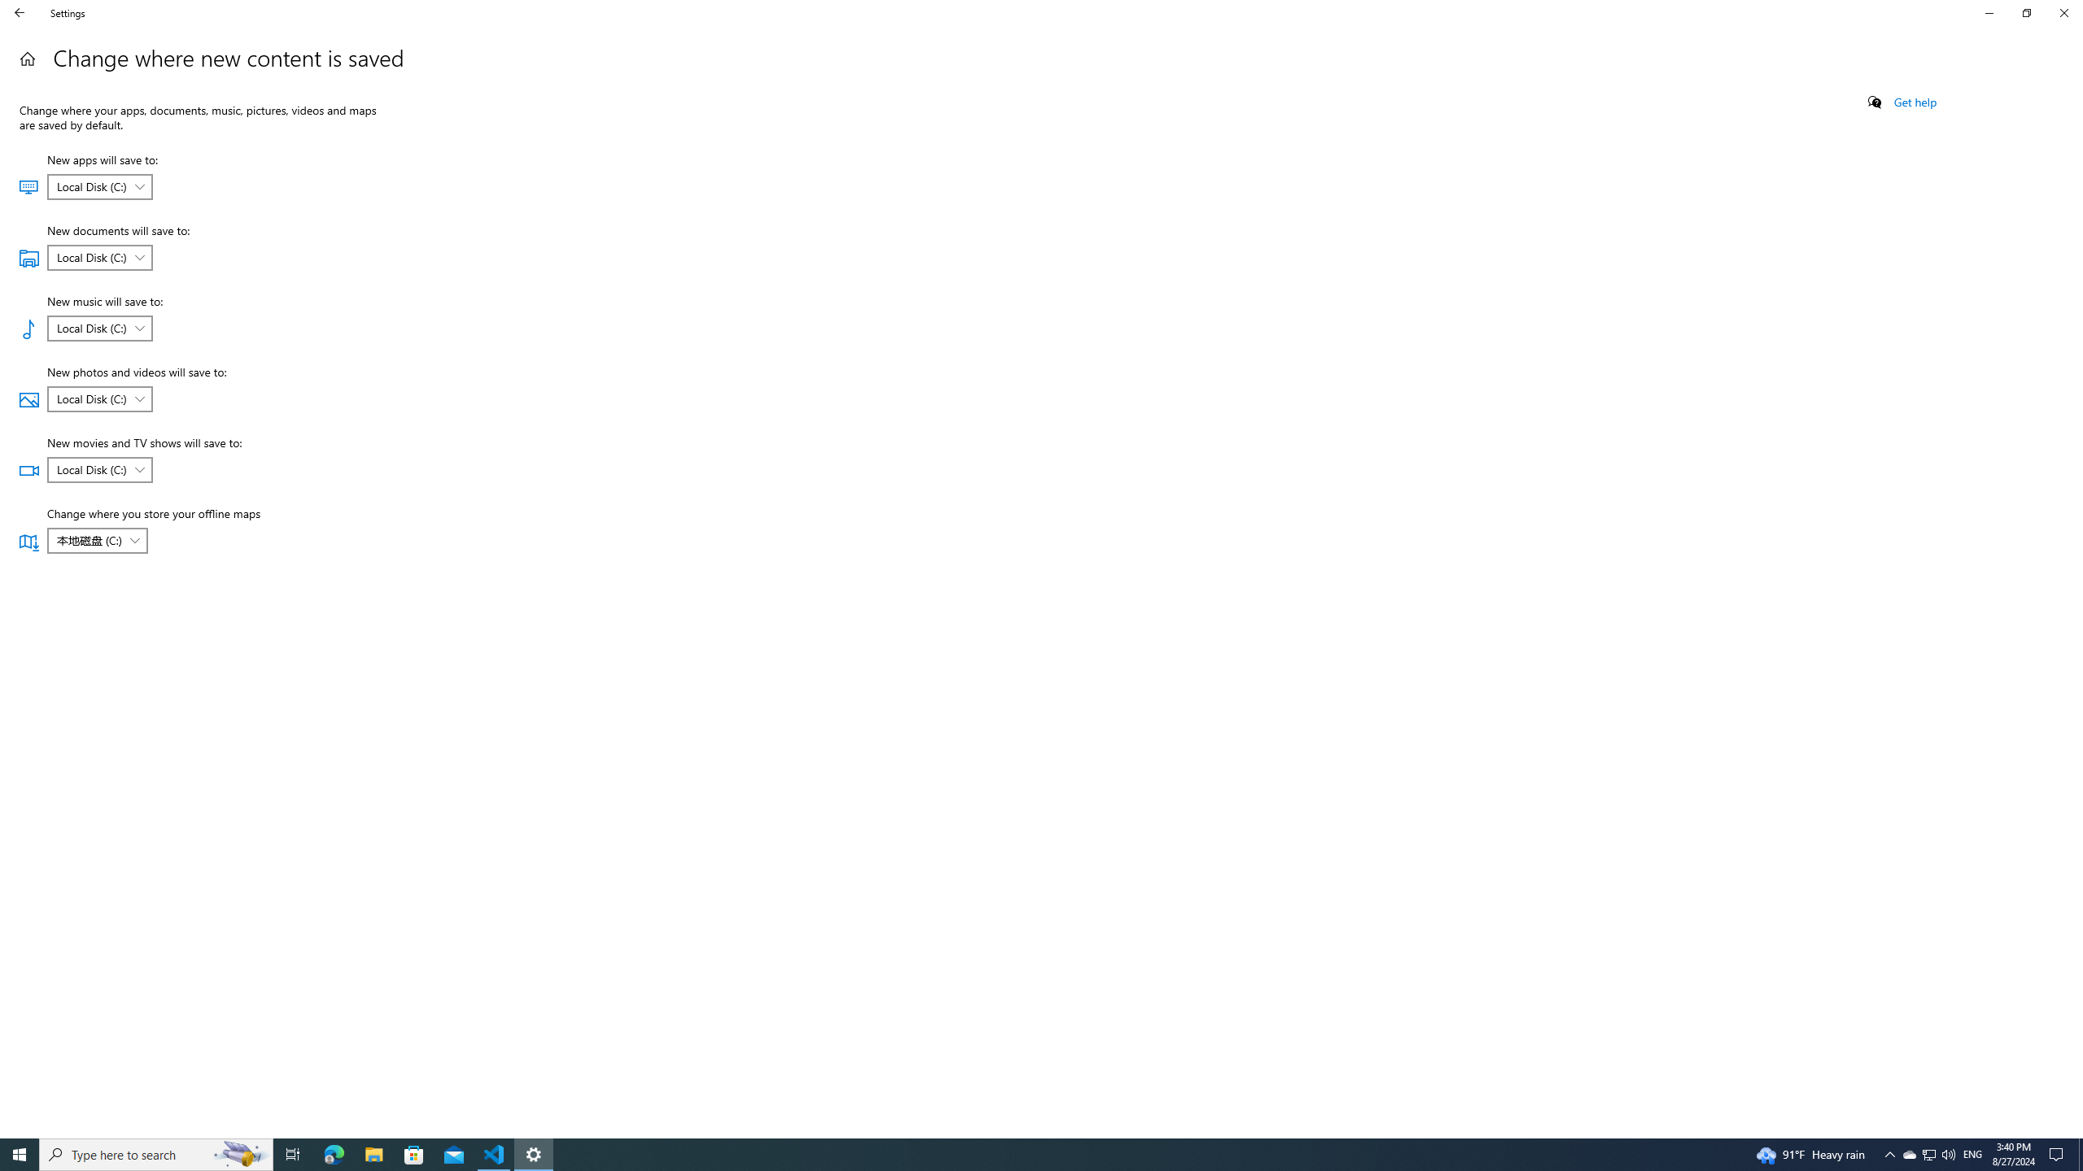 This screenshot has height=1171, width=2083. What do you see at coordinates (155, 1153) in the screenshot?
I see `'Search highlights icon opens search home window'` at bounding box center [155, 1153].